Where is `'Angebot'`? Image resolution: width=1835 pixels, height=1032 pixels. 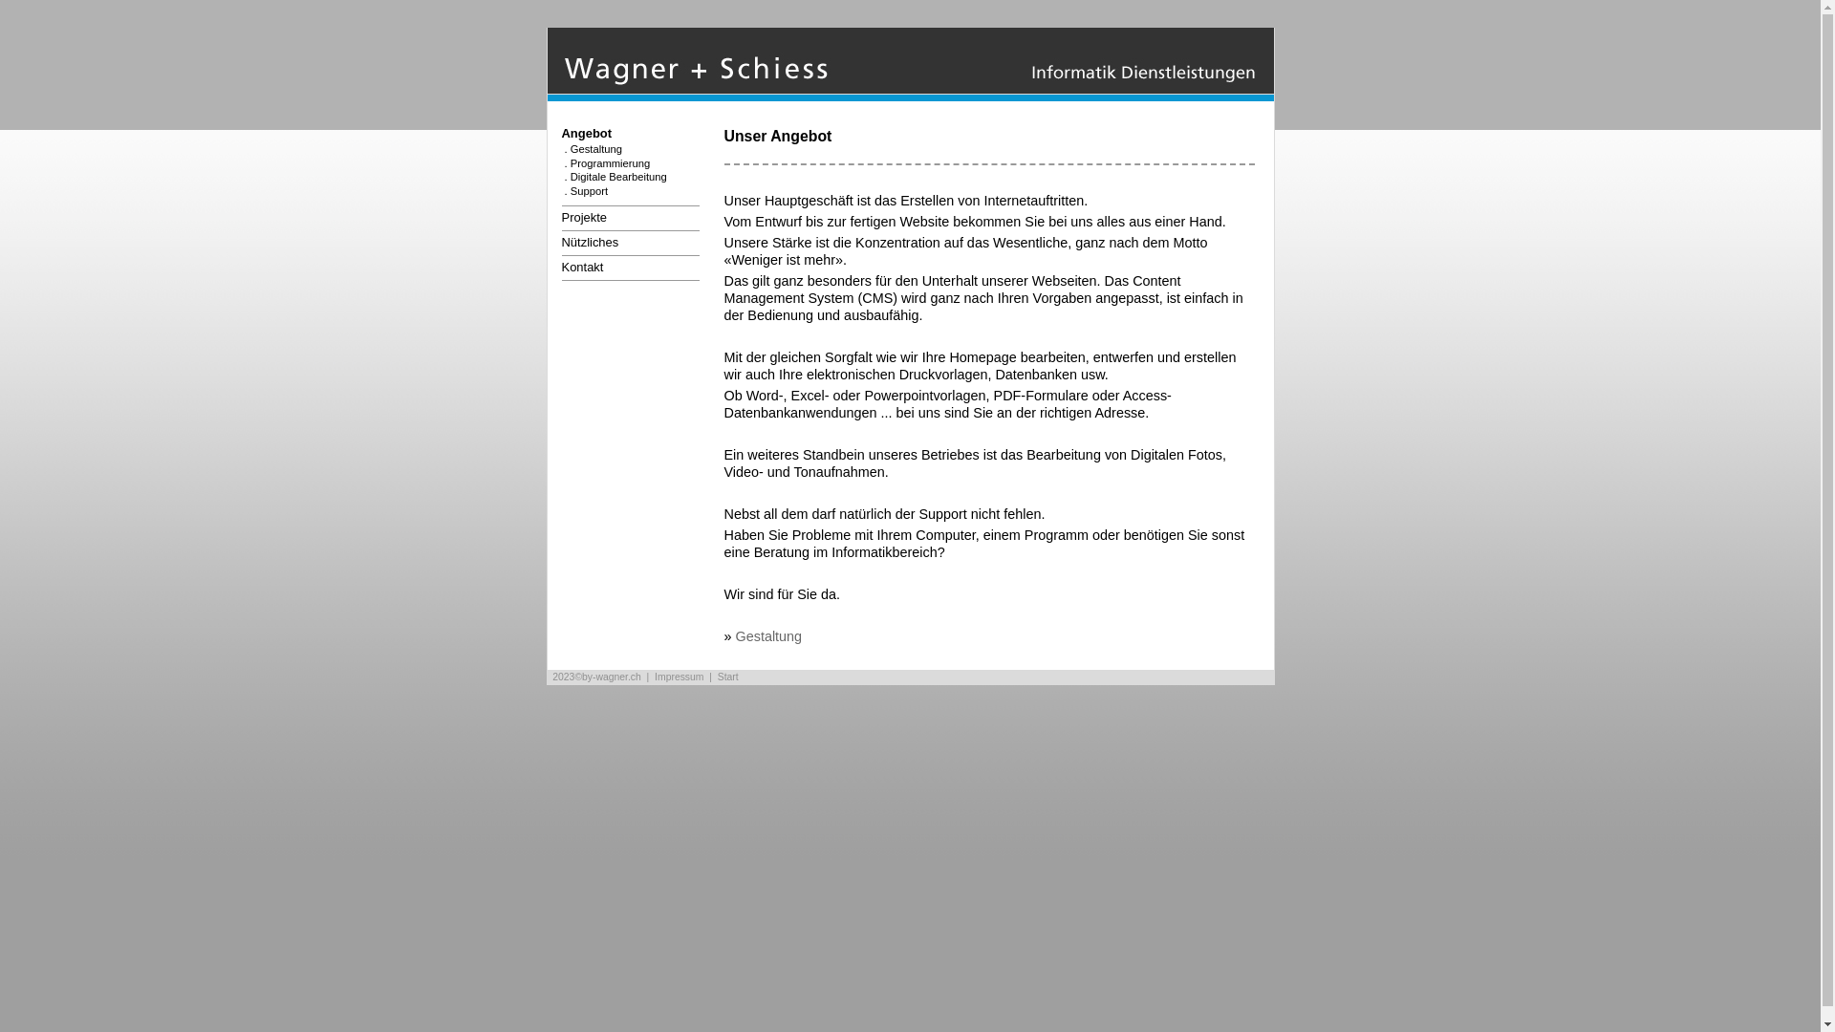
'Angebot' is located at coordinates (586, 132).